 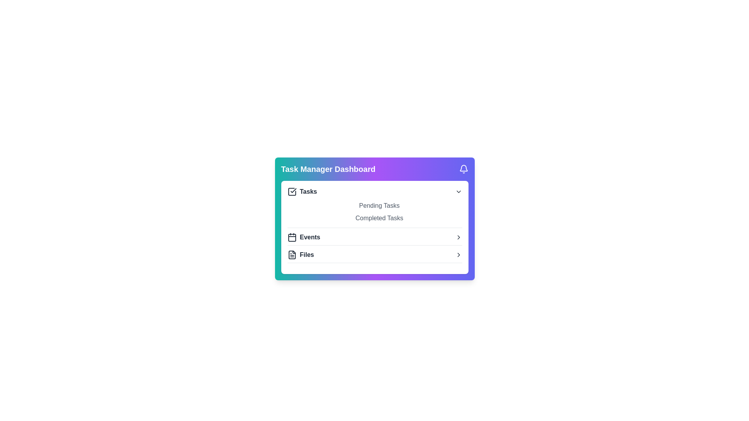 What do you see at coordinates (374, 255) in the screenshot?
I see `the third navigation list item under the 'Task Manager Dashboard', which links to the 'Files' section` at bounding box center [374, 255].